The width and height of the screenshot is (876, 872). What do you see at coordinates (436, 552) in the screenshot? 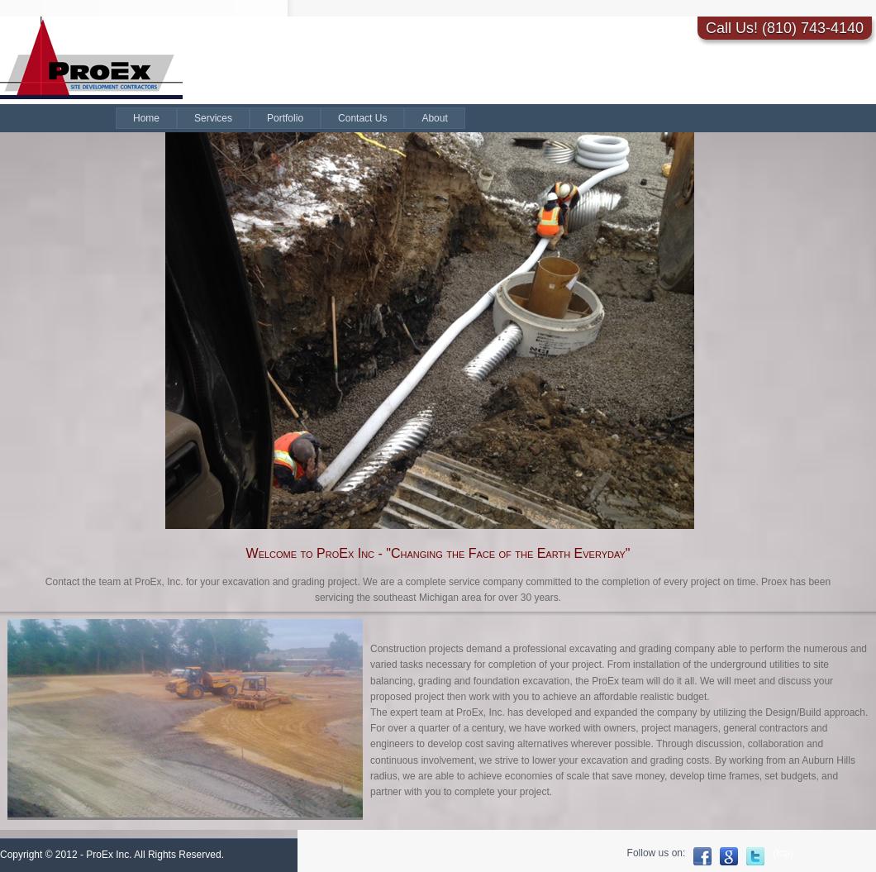
I see `'Welcome to ProEx Inc - "Changing the Face of the Earth Everyday"'` at bounding box center [436, 552].